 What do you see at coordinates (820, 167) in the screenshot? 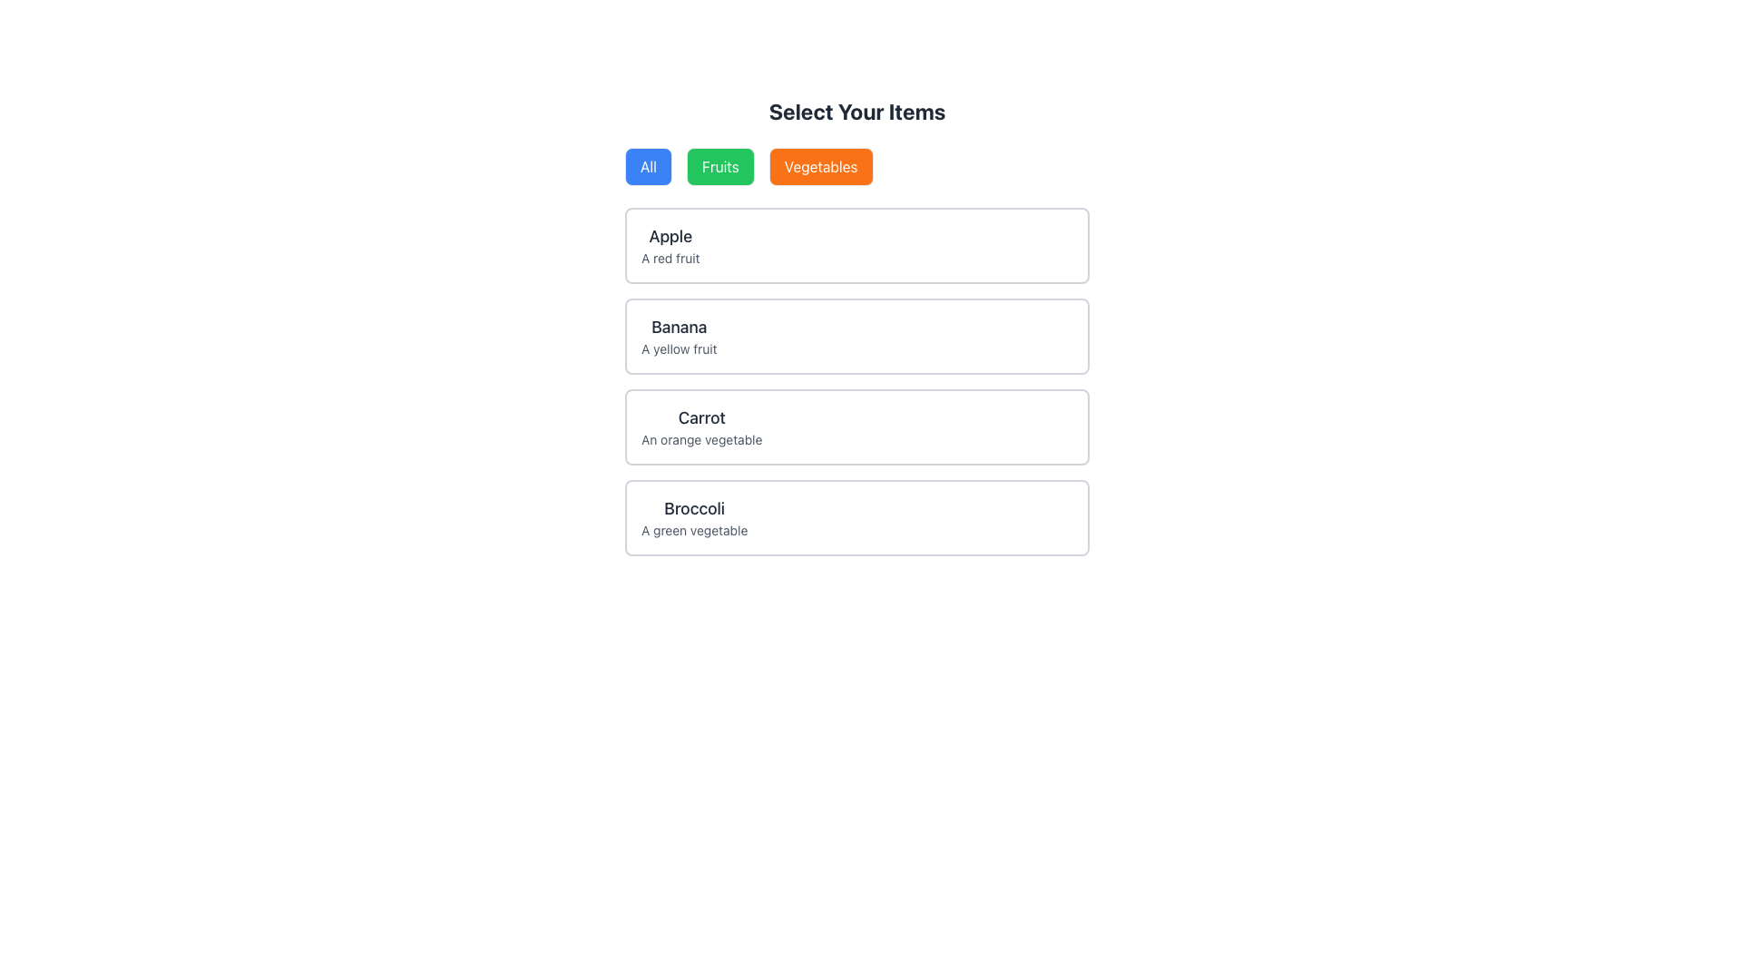
I see `the 'Vegetables' filter button, which is the third button in a group of three labeled 'All', 'Fruits', and 'Vegetables', located below the 'Select Your Items' header` at bounding box center [820, 167].